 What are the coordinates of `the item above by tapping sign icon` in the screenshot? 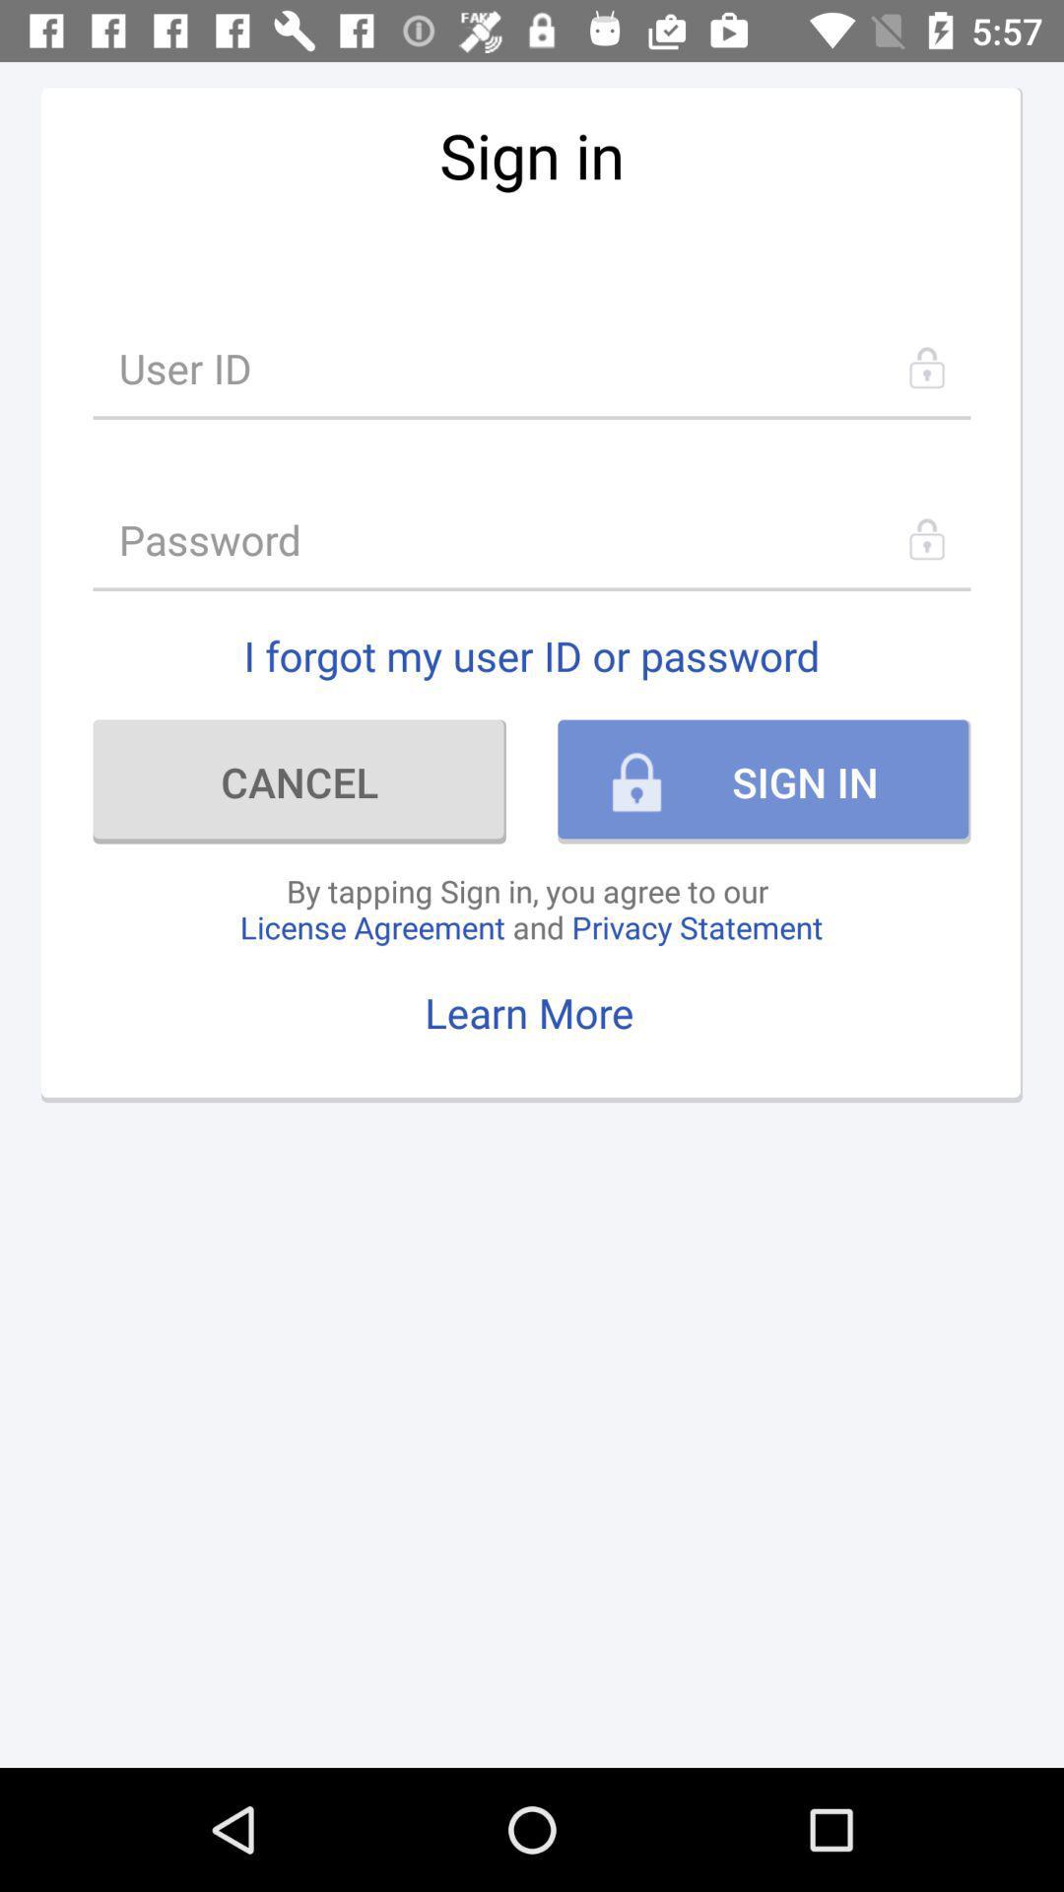 It's located at (299, 780).